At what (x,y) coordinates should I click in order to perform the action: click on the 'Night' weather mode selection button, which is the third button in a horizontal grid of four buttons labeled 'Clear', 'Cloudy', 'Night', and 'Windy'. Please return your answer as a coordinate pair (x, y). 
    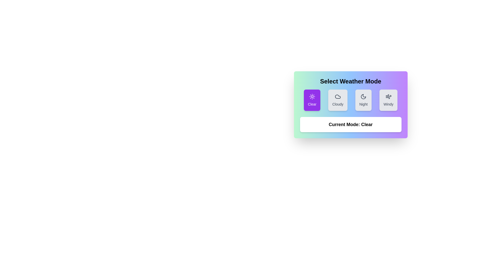
    Looking at the image, I should click on (363, 100).